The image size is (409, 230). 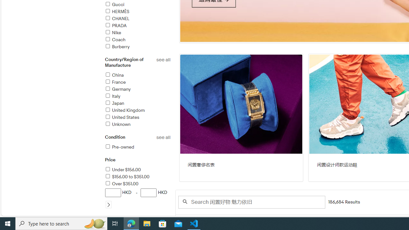 I want to click on 'Submit price range', so click(x=108, y=204).